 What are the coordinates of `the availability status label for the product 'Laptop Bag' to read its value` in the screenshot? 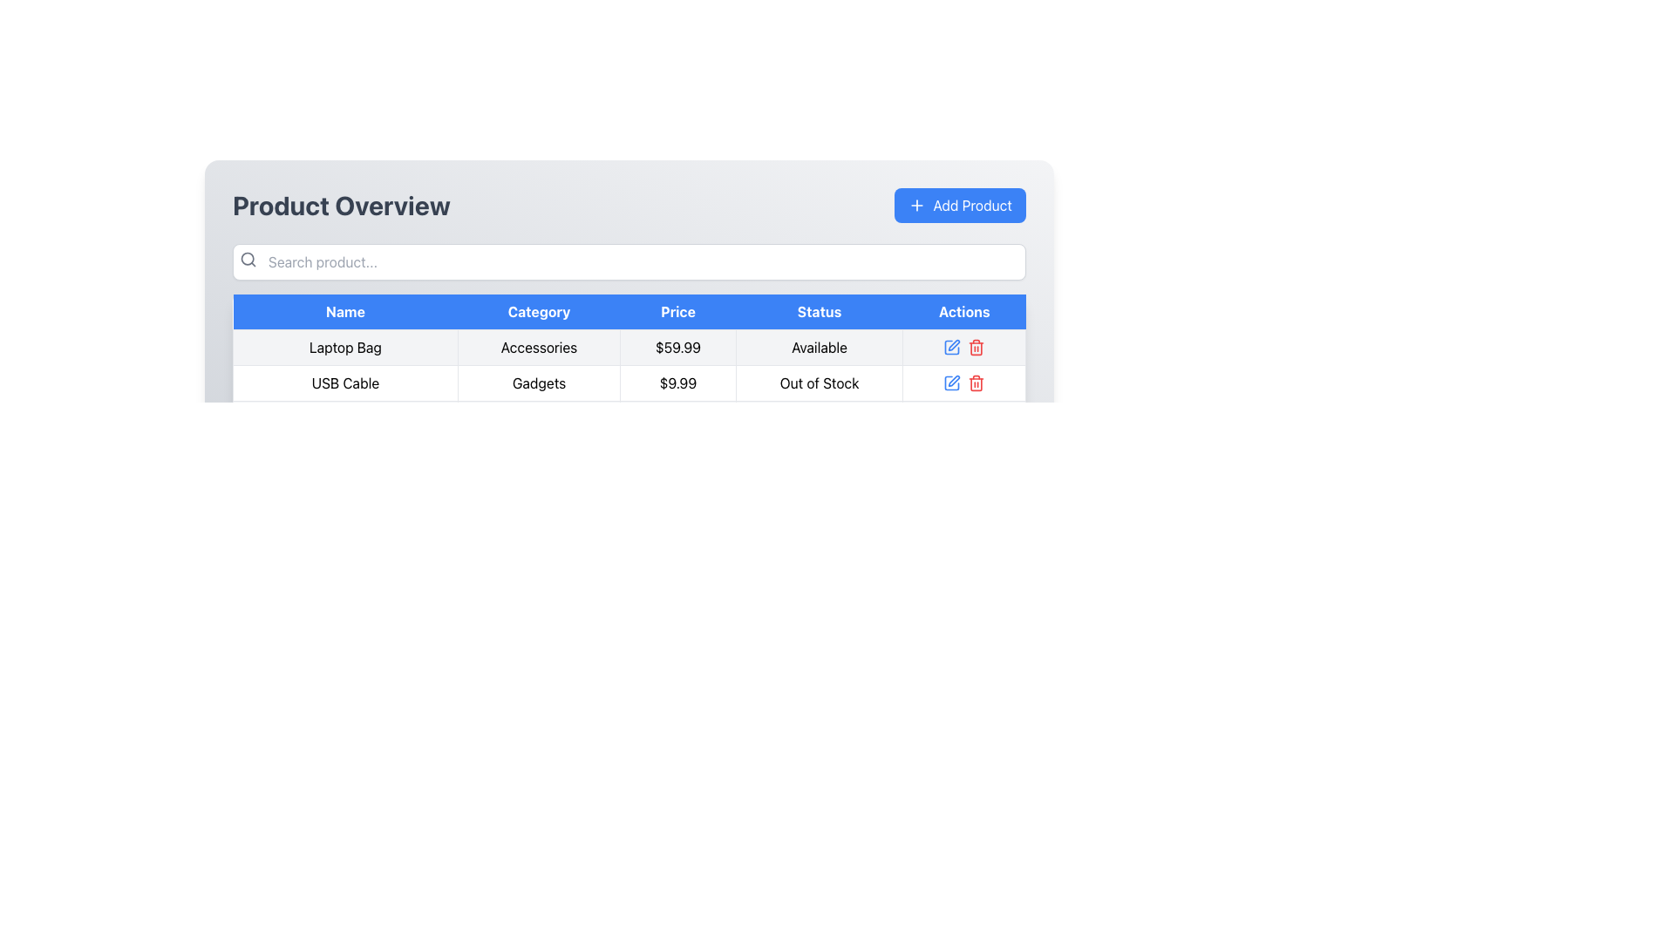 It's located at (819, 347).